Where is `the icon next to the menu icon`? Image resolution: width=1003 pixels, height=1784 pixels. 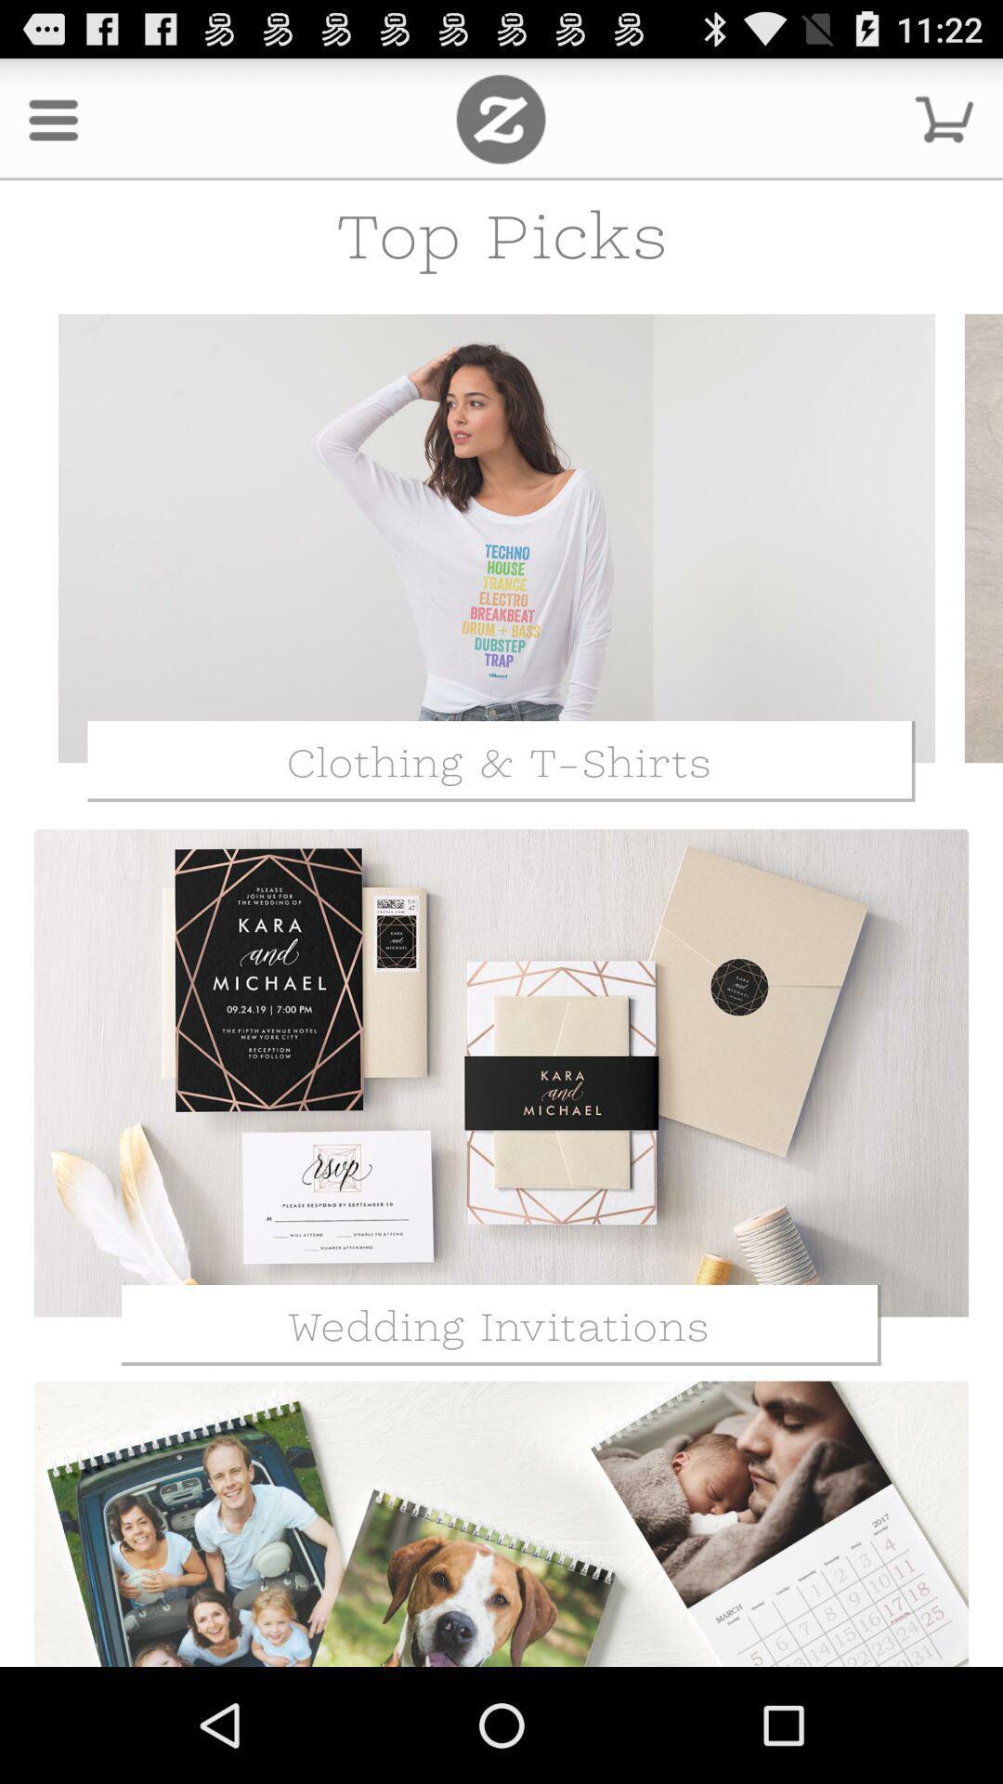 the icon next to the menu icon is located at coordinates (500, 118).